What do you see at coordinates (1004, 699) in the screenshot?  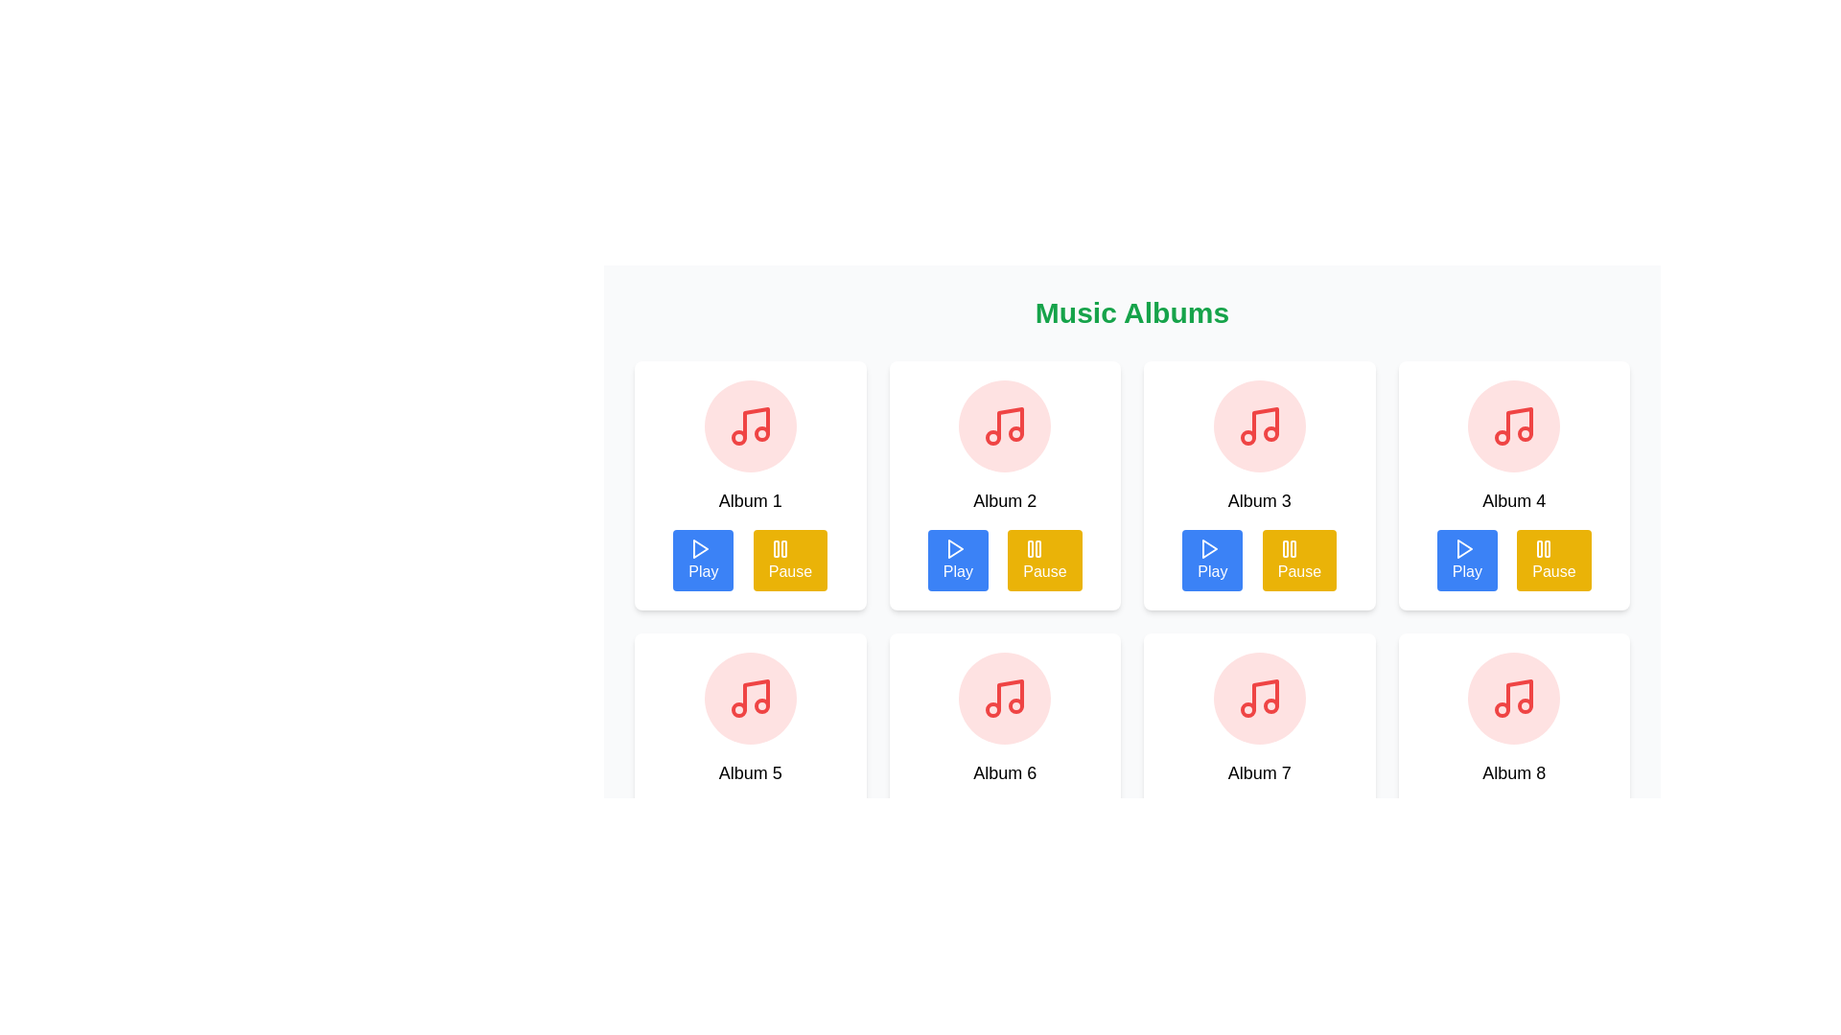 I see `the decorative music icon representing 'Album 6' located in the second column of the lower row in the grid layout` at bounding box center [1004, 699].